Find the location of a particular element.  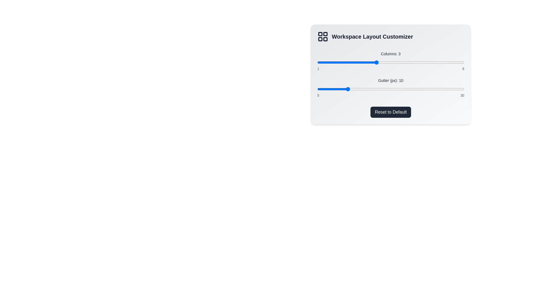

the slider to set the value to 1 is located at coordinates (317, 62).